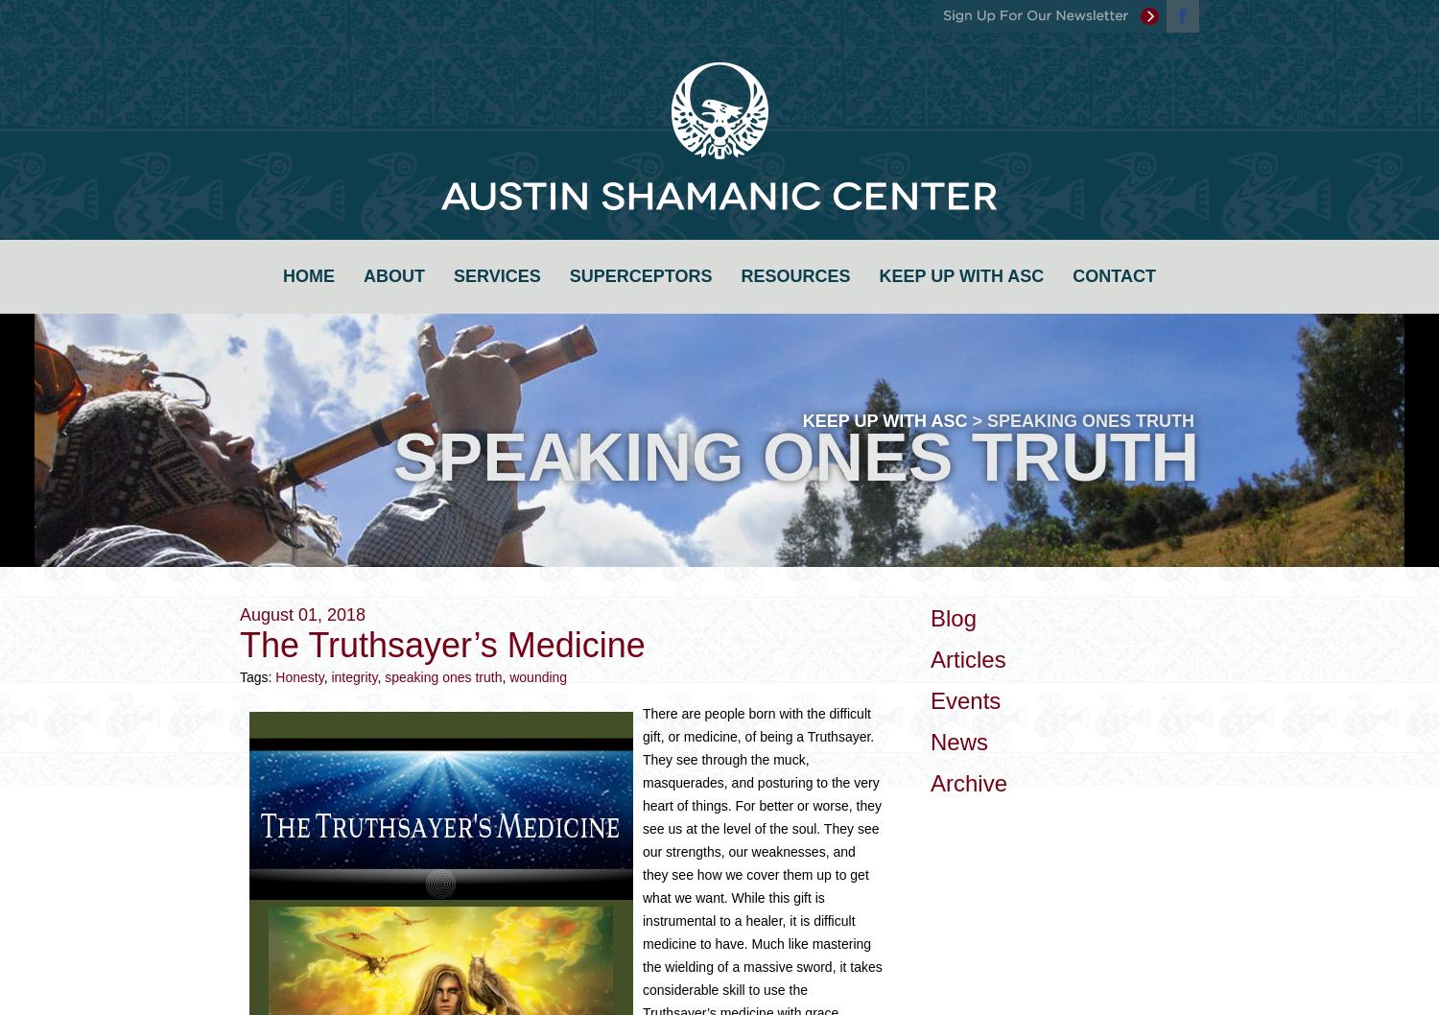 This screenshot has width=1439, height=1015. I want to click on 'August 01, 2018', so click(301, 614).